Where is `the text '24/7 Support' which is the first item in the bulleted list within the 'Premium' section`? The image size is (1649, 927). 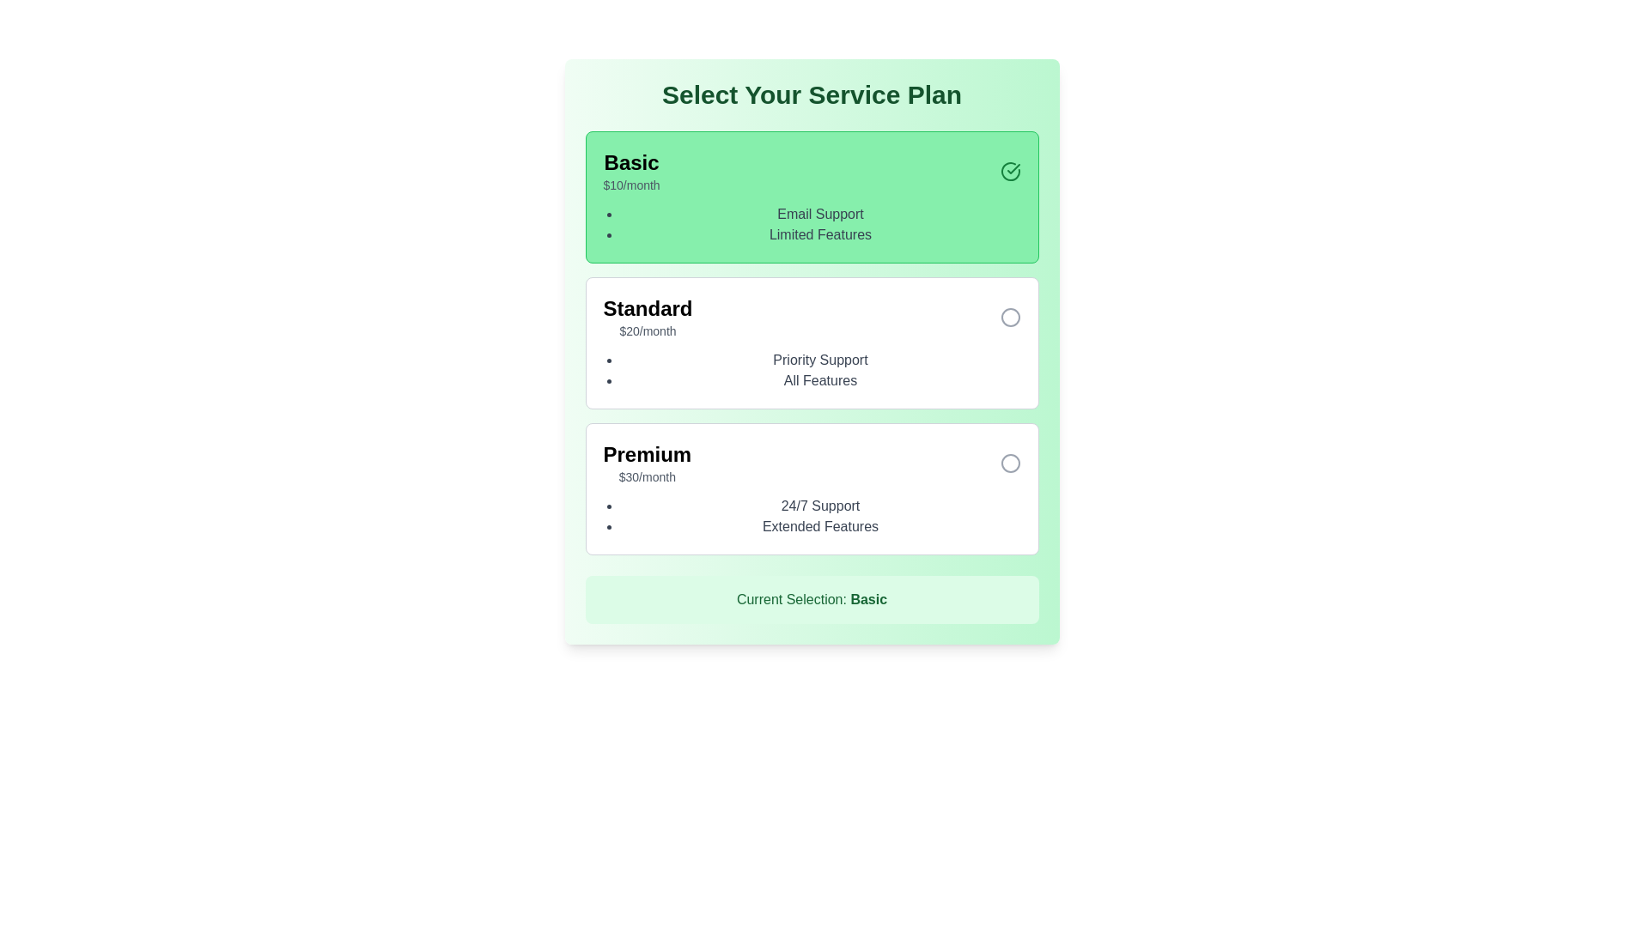 the text '24/7 Support' which is the first item in the bulleted list within the 'Premium' section is located at coordinates (819, 506).